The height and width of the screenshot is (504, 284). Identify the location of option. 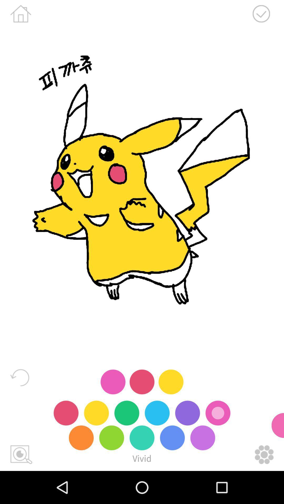
(264, 454).